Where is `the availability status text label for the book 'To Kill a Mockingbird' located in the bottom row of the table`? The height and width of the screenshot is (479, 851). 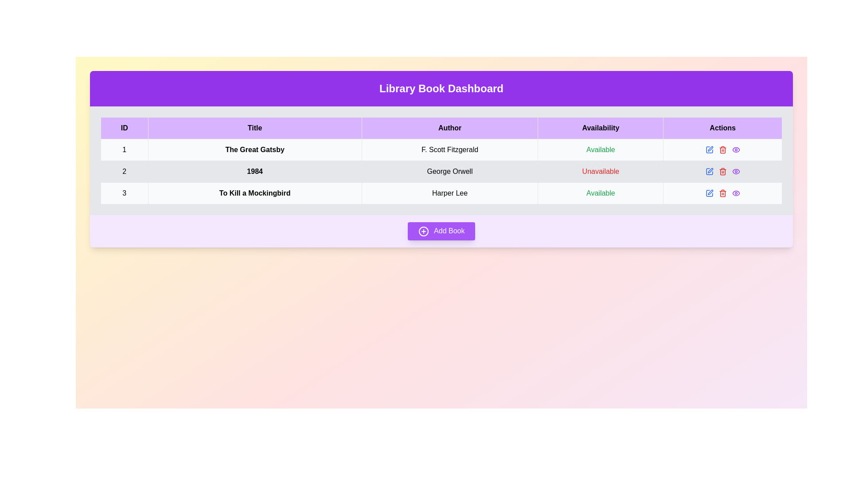
the availability status text label for the book 'To Kill a Mockingbird' located in the bottom row of the table is located at coordinates (601, 192).